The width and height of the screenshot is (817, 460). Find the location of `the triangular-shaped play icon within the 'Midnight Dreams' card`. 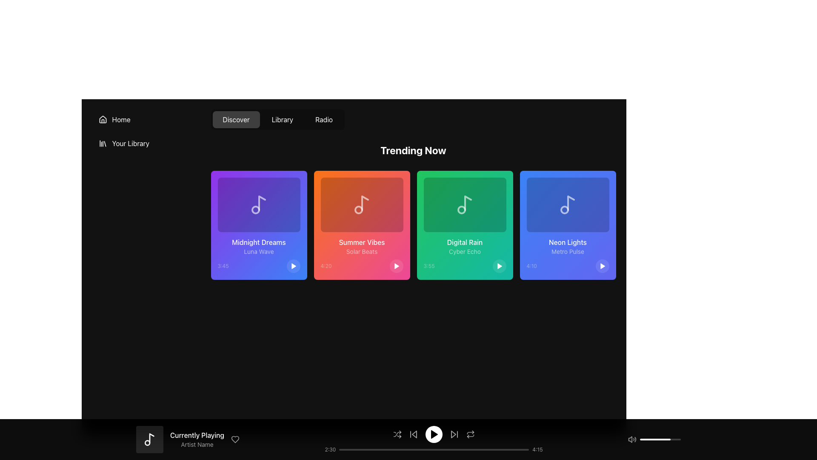

the triangular-shaped play icon within the 'Midnight Dreams' card is located at coordinates (294, 265).